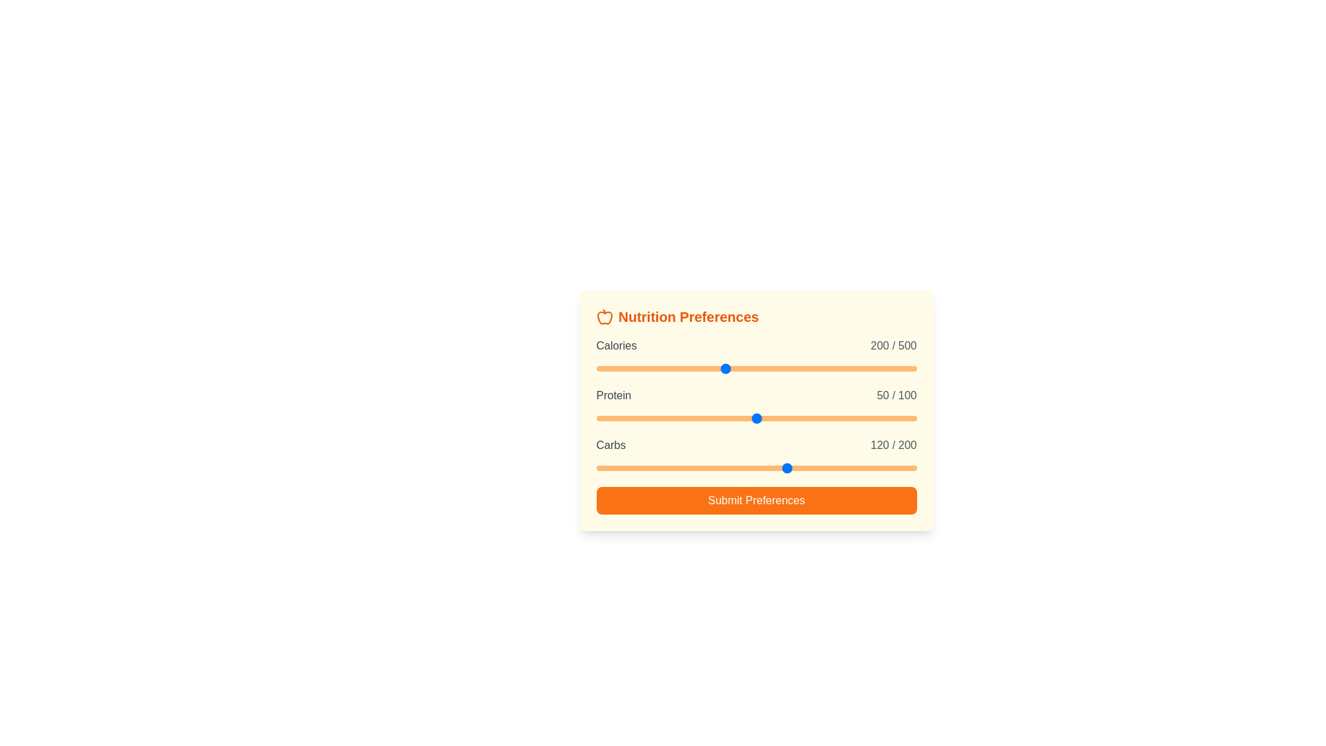 The image size is (1326, 746). I want to click on the carbohydrate intake value, so click(738, 468).